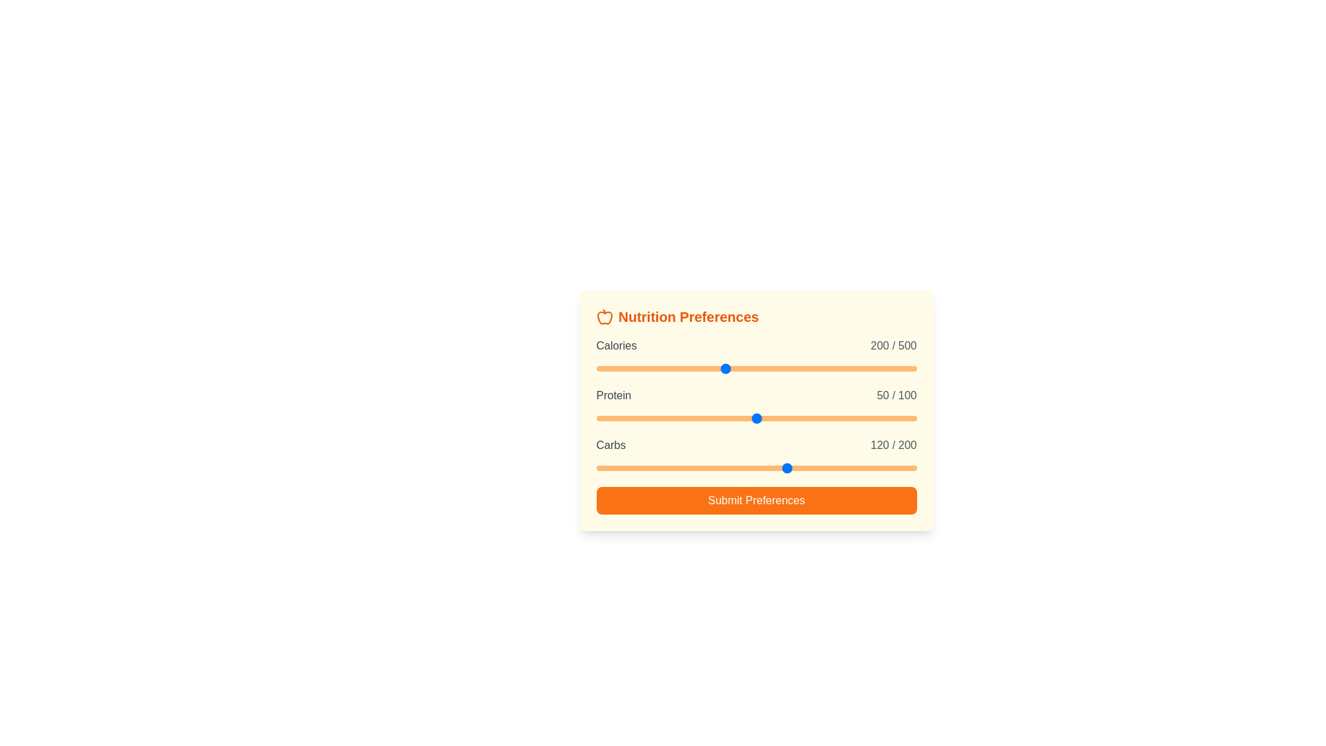 The image size is (1326, 746). I want to click on the carbohydrate intake value, so click(738, 468).